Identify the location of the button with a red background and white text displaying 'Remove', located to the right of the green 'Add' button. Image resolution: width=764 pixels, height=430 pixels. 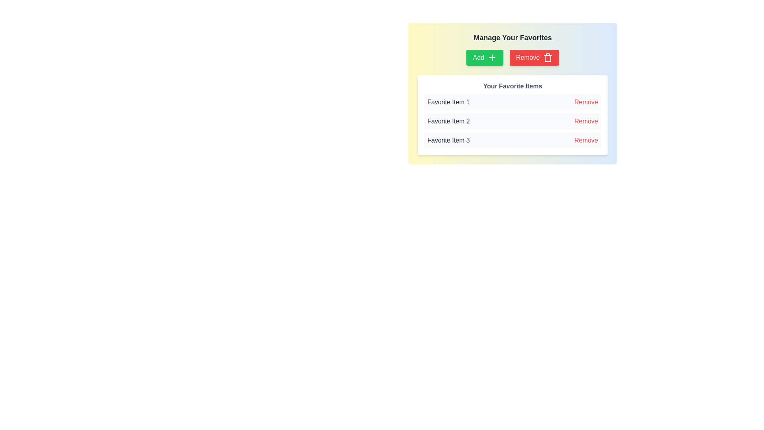
(534, 57).